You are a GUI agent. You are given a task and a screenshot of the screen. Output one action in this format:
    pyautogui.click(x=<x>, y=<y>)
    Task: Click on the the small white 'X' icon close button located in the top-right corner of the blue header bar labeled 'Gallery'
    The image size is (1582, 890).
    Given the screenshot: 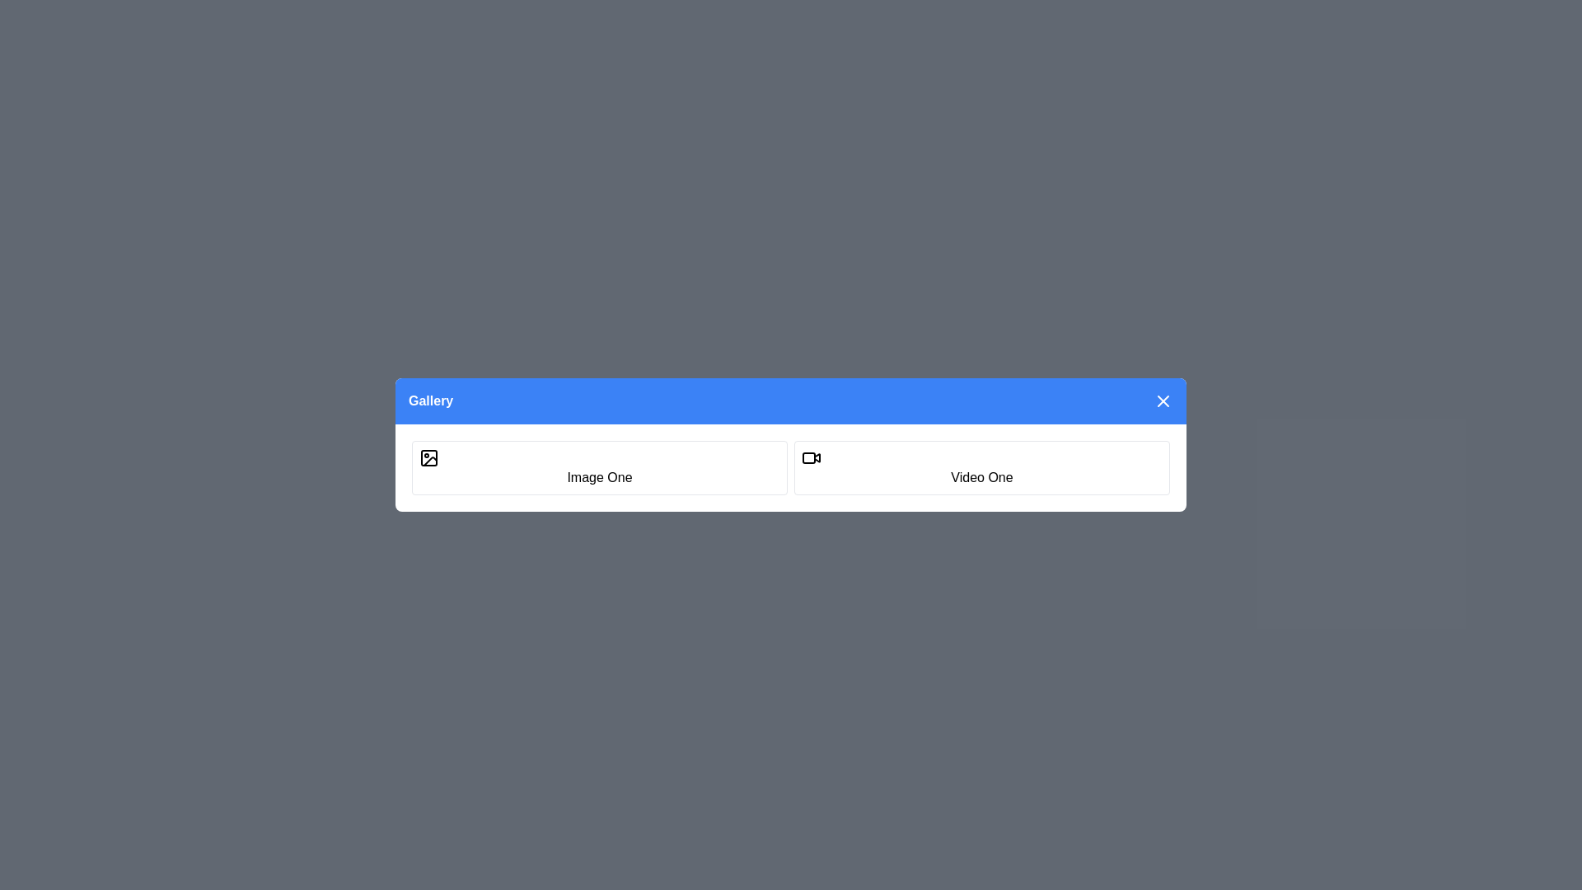 What is the action you would take?
    pyautogui.click(x=1162, y=400)
    